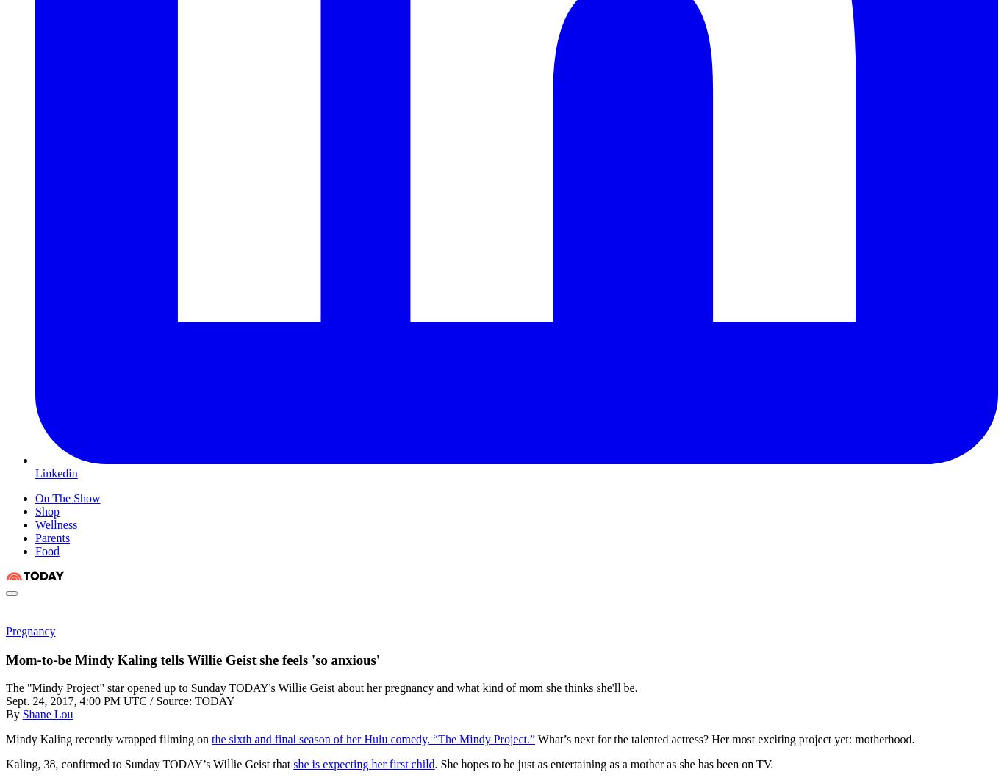 Image resolution: width=1004 pixels, height=783 pixels. What do you see at coordinates (148, 764) in the screenshot?
I see `'Kaling, 38, confirmed to Sunday TODAY’s Willie Geist that'` at bounding box center [148, 764].